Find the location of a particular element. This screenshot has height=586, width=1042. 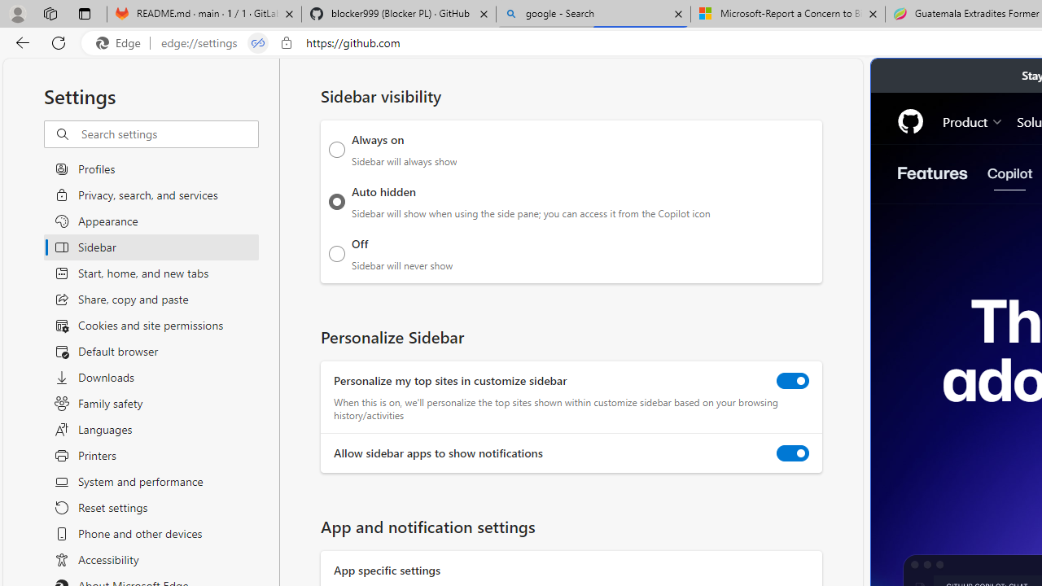

'Search settings' is located at coordinates (169, 133).